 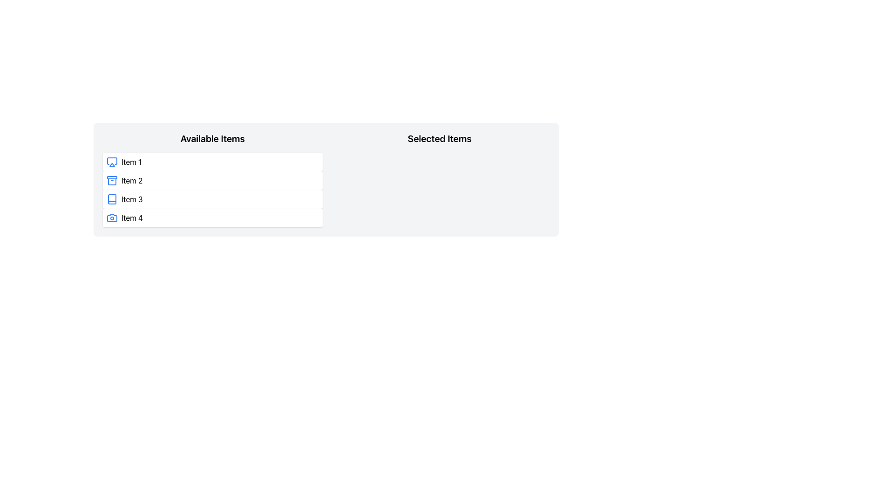 I want to click on stylized camera icon with a blue outline located in the bottom list entry of the 'Available Items' section, which is aligned with the label 'Item 4', so click(x=112, y=218).